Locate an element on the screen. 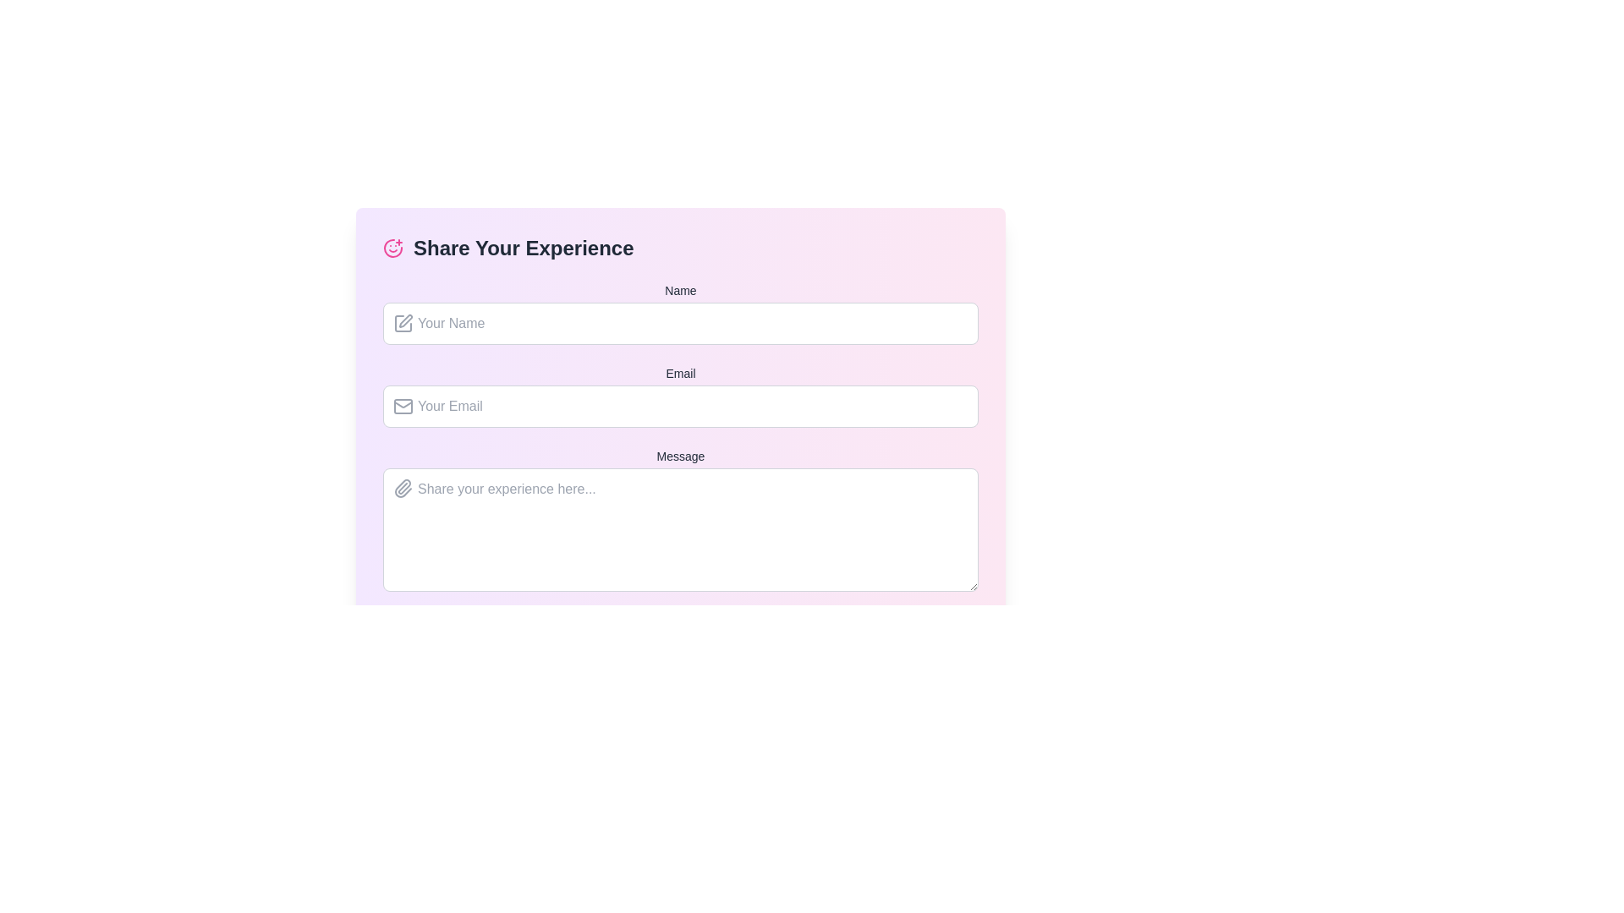 The width and height of the screenshot is (1624, 913). the gray pen and square icon located to the left of the 'Your Name' input field, which is vertically centered with the field is located at coordinates (402, 323).